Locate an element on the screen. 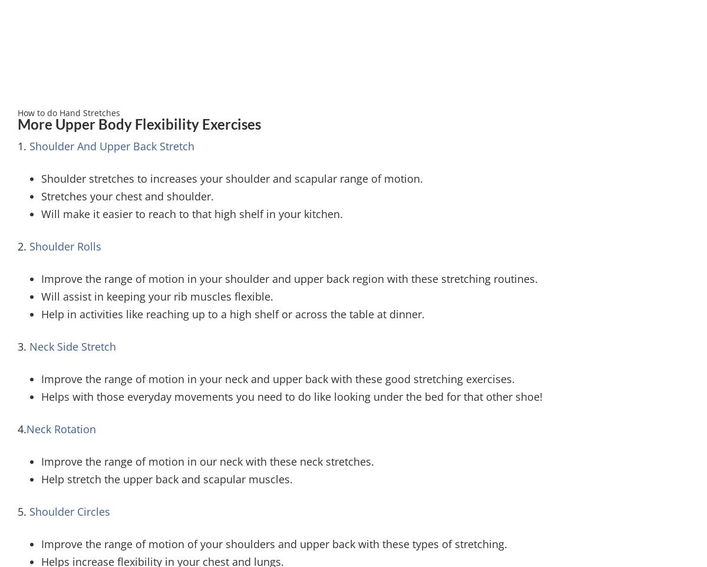  '3.' is located at coordinates (23, 345).